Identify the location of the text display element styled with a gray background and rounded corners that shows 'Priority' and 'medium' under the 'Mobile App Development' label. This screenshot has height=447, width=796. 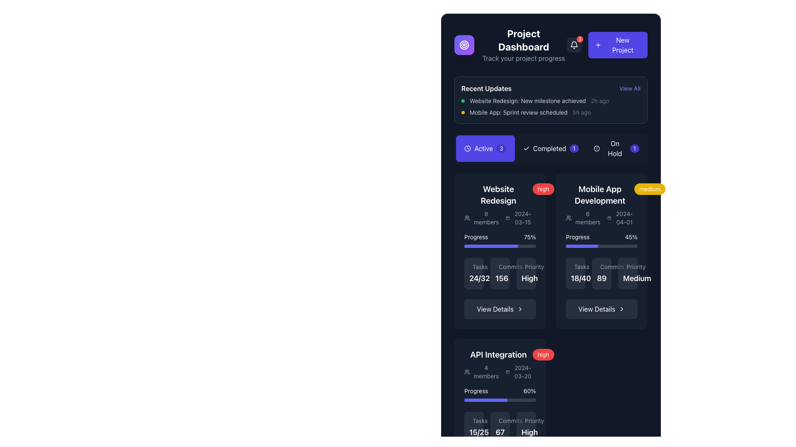
(628, 273).